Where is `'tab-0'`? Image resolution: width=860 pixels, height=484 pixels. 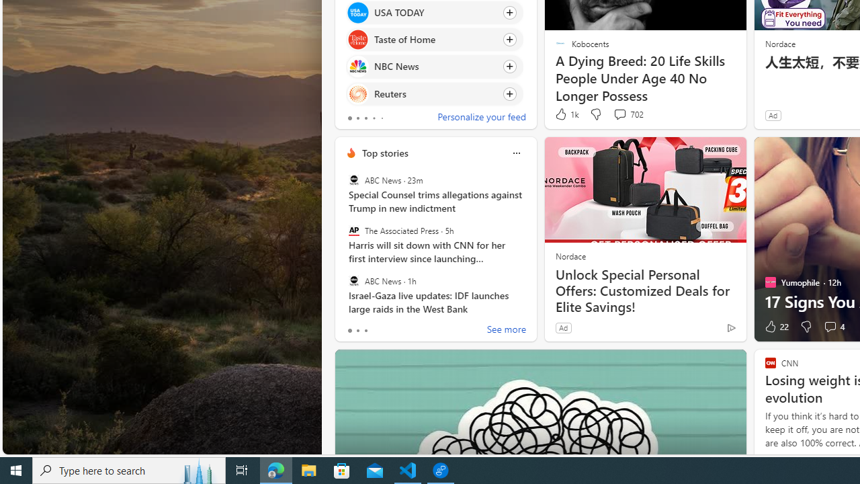
'tab-0' is located at coordinates (349, 331).